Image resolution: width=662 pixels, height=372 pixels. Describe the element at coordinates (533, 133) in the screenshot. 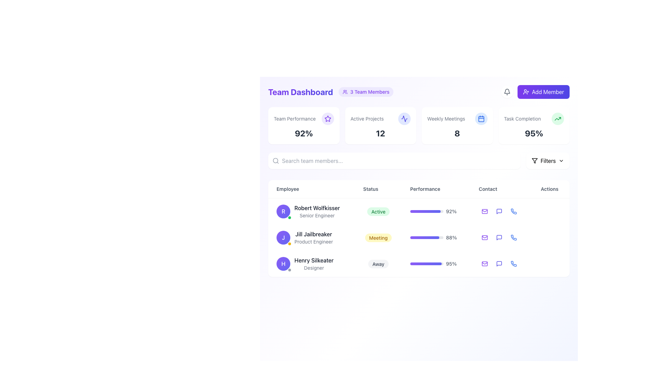

I see `the text label displaying '95%' in bold, black font, indicating task completion status` at that location.